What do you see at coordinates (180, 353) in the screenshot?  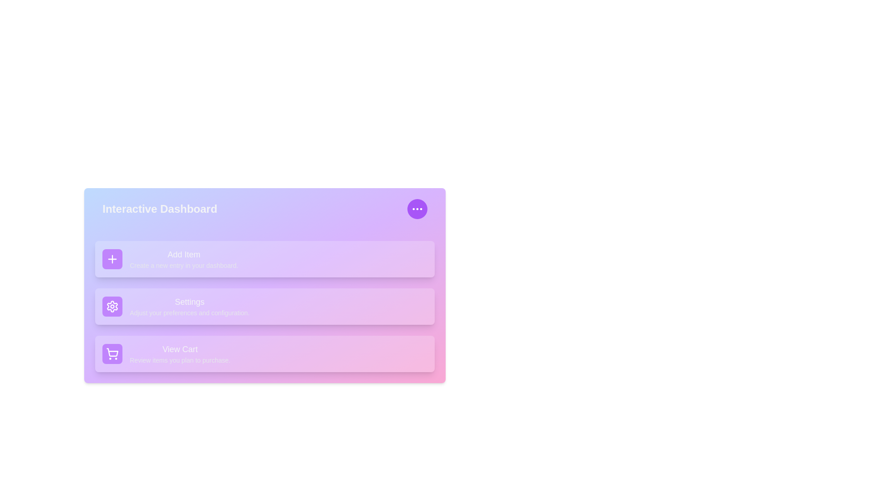 I see `the 'View Cart' option to navigate to the cart review page` at bounding box center [180, 353].